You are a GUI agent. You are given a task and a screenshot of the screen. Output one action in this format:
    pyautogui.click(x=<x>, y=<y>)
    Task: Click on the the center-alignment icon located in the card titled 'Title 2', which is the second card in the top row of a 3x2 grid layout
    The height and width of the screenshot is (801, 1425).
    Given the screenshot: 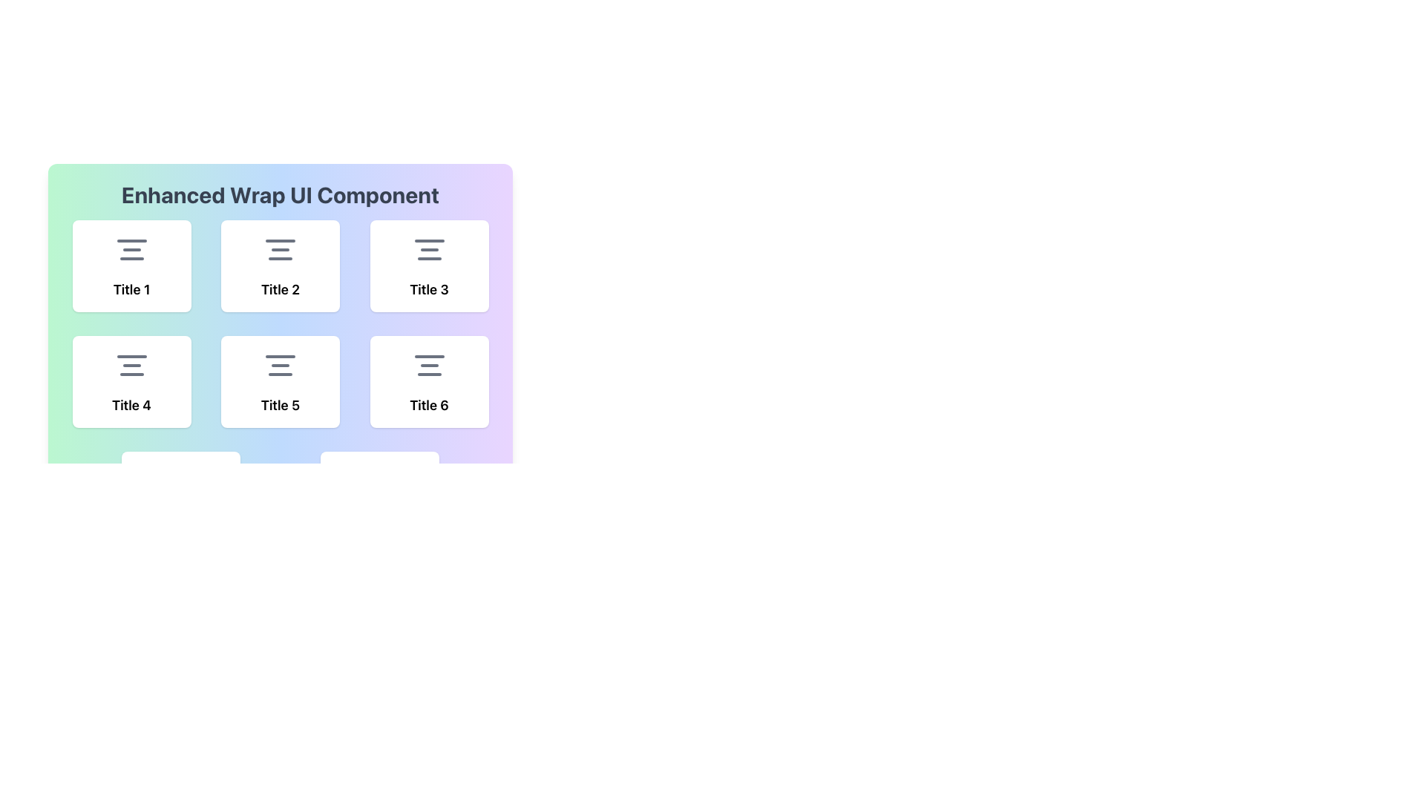 What is the action you would take?
    pyautogui.click(x=281, y=248)
    